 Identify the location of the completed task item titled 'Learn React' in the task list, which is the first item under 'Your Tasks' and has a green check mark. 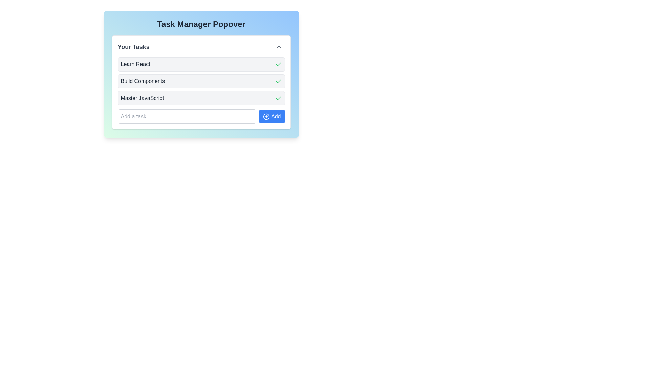
(201, 64).